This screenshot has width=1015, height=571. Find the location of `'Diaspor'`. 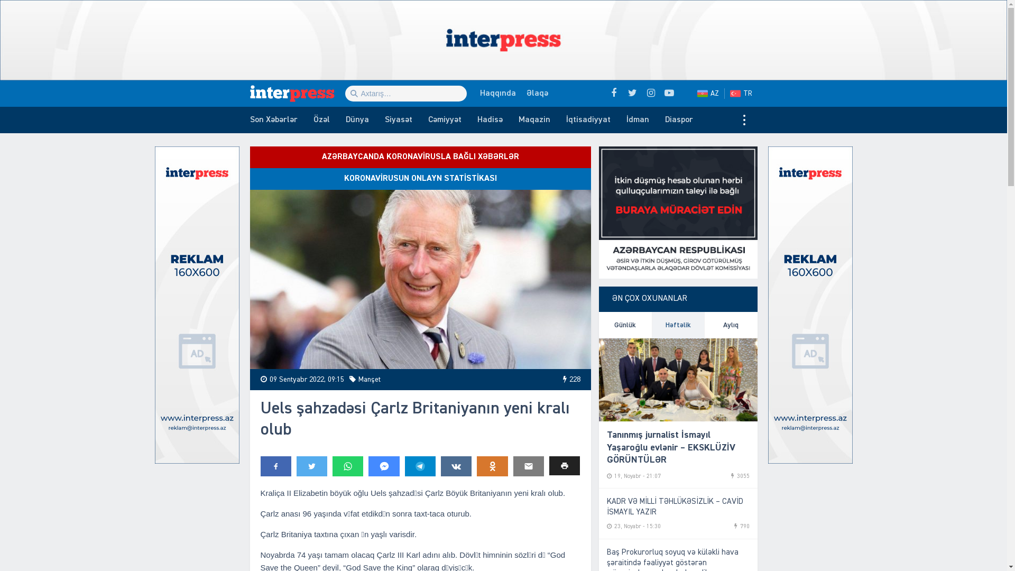

'Diaspor' is located at coordinates (678, 119).